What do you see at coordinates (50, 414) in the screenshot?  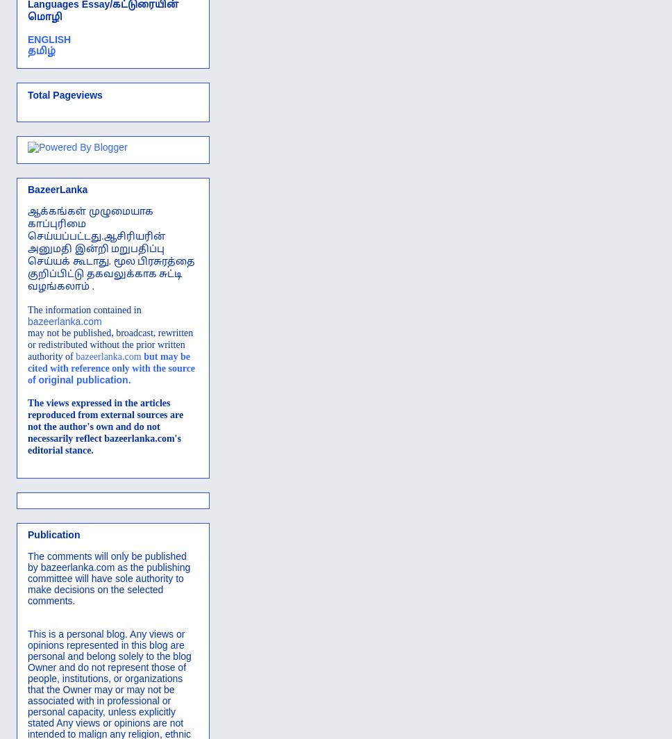 I see `'reproduced'` at bounding box center [50, 414].